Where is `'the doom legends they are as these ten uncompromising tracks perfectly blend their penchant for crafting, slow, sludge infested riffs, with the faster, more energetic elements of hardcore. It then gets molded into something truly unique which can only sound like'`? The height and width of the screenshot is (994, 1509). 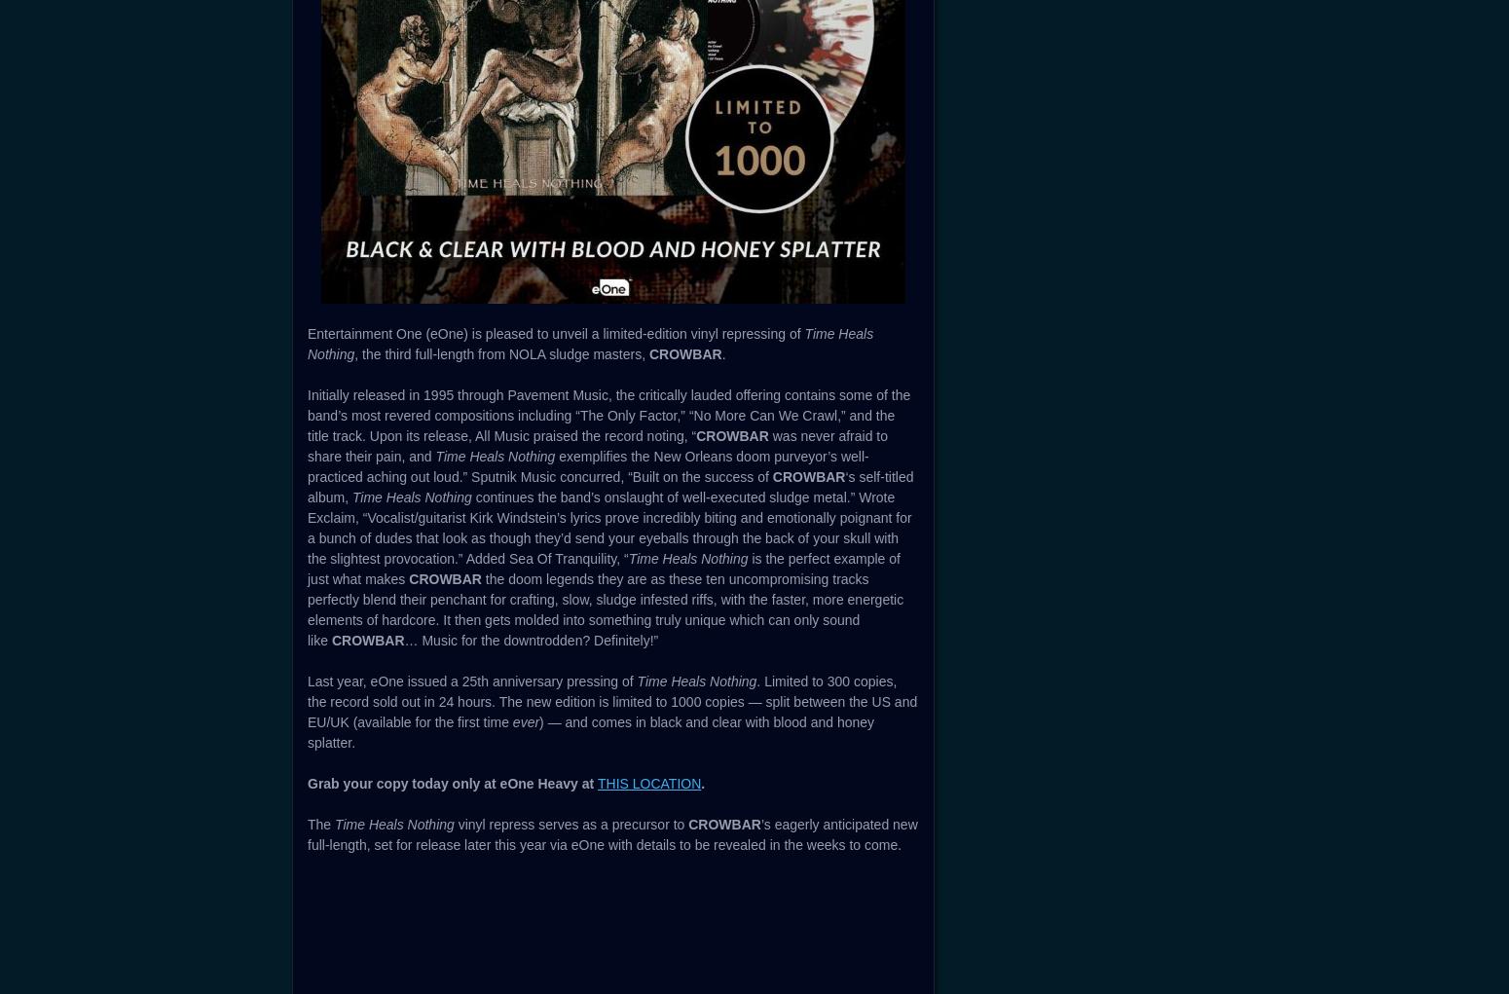 'the doom legends they are as these ten uncompromising tracks perfectly blend their penchant for crafting, slow, sludge infested riffs, with the faster, more energetic elements of hardcore. It then gets molded into something truly unique which can only sound like' is located at coordinates (307, 609).